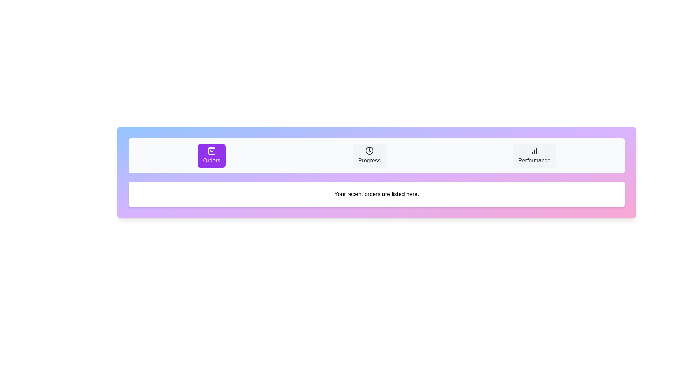  Describe the element at coordinates (211, 150) in the screenshot. I see `the 'Orders' button, which is a highlighted purple rectangular button containing an SVG shopping bag icon, located in the leftmost position of the horizontally aligned menu` at that location.